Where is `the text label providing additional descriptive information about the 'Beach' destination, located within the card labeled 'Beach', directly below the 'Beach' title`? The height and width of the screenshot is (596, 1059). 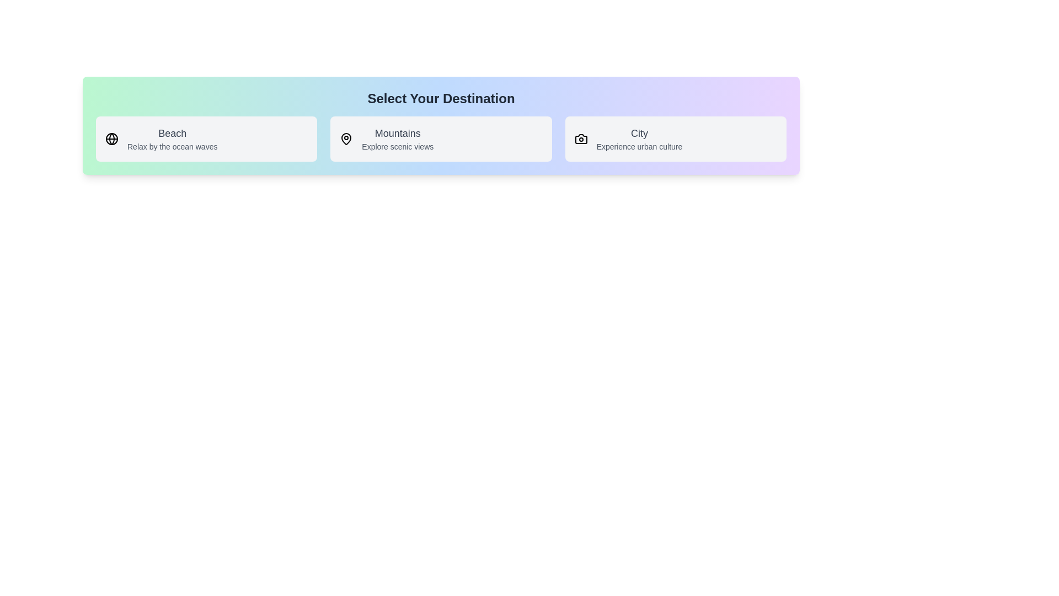
the text label providing additional descriptive information about the 'Beach' destination, located within the card labeled 'Beach', directly below the 'Beach' title is located at coordinates (172, 146).